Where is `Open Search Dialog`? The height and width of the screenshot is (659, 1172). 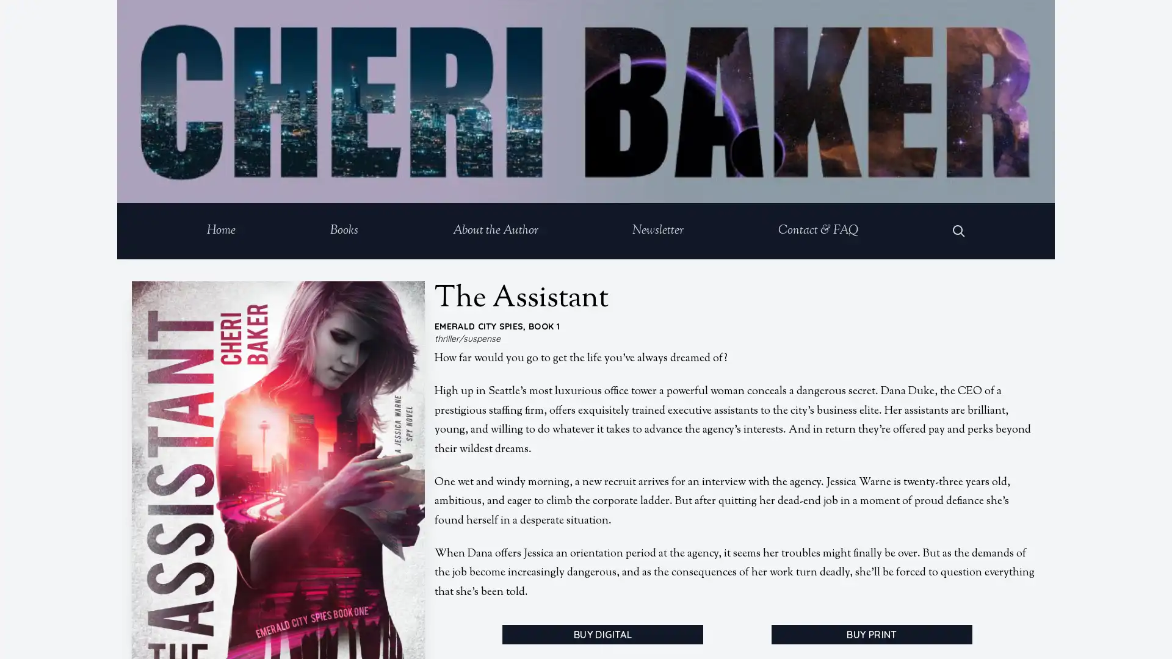 Open Search Dialog is located at coordinates (958, 231).